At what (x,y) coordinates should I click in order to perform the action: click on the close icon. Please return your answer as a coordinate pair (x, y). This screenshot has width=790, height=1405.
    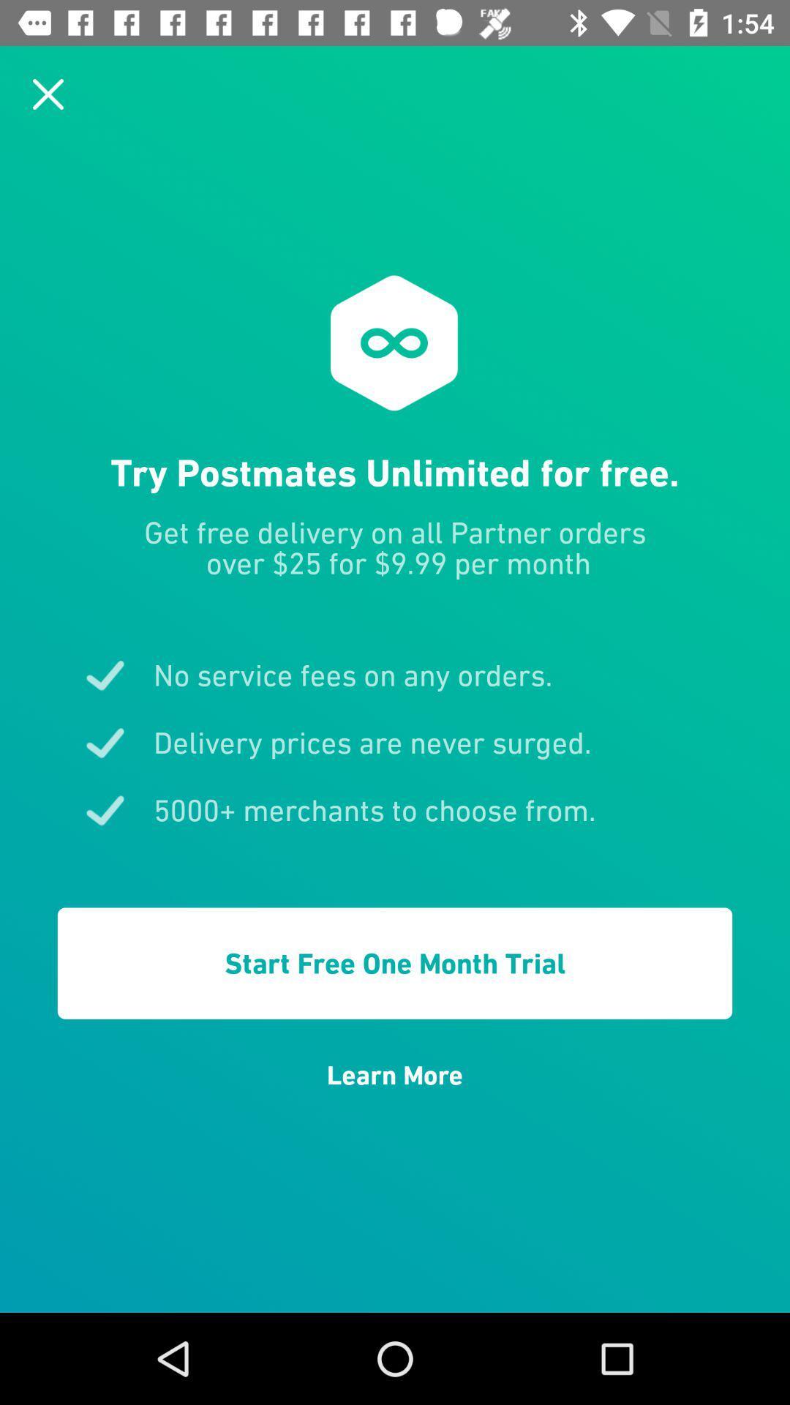
    Looking at the image, I should click on (47, 93).